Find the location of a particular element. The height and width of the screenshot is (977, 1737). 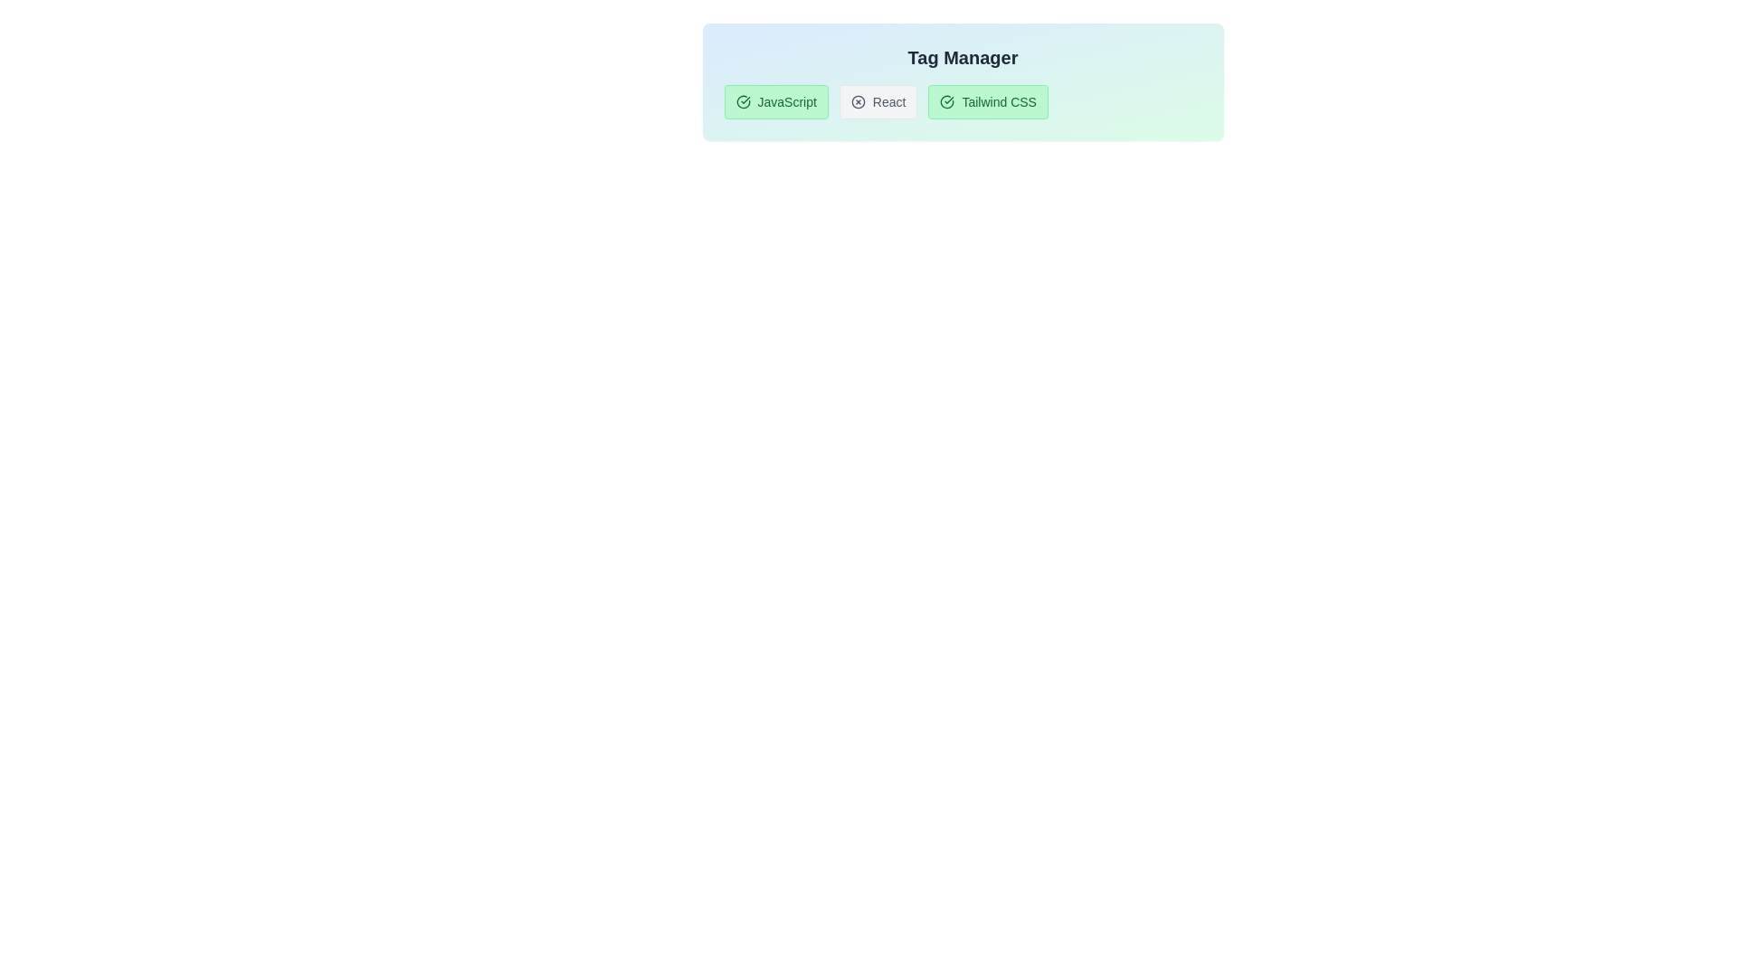

the tag Tailwind CSS to view its hover effect is located at coordinates (987, 101).